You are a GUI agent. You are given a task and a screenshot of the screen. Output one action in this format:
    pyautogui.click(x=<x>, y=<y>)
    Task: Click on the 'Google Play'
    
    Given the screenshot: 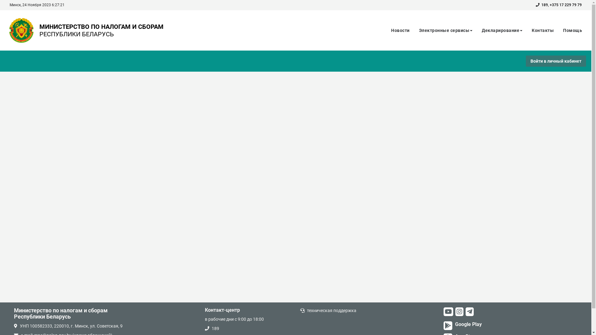 What is the action you would take?
    pyautogui.click(x=467, y=326)
    